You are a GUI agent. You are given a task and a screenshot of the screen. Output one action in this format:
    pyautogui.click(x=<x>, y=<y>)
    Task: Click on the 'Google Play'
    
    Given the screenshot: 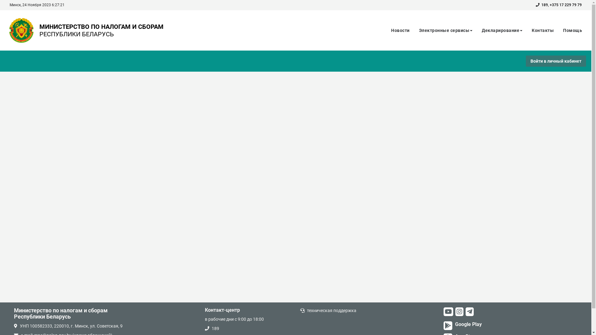 What is the action you would take?
    pyautogui.click(x=467, y=326)
    